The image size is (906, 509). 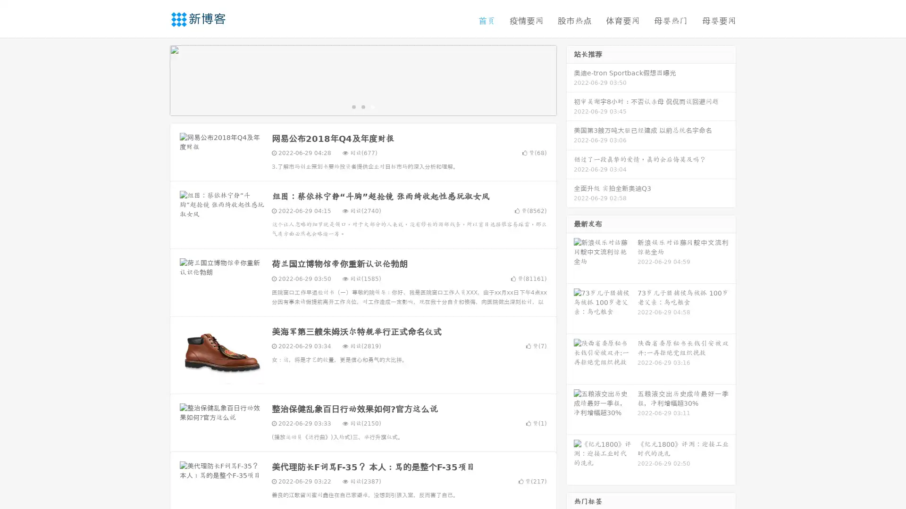 What do you see at coordinates (570, 79) in the screenshot?
I see `Next slide` at bounding box center [570, 79].